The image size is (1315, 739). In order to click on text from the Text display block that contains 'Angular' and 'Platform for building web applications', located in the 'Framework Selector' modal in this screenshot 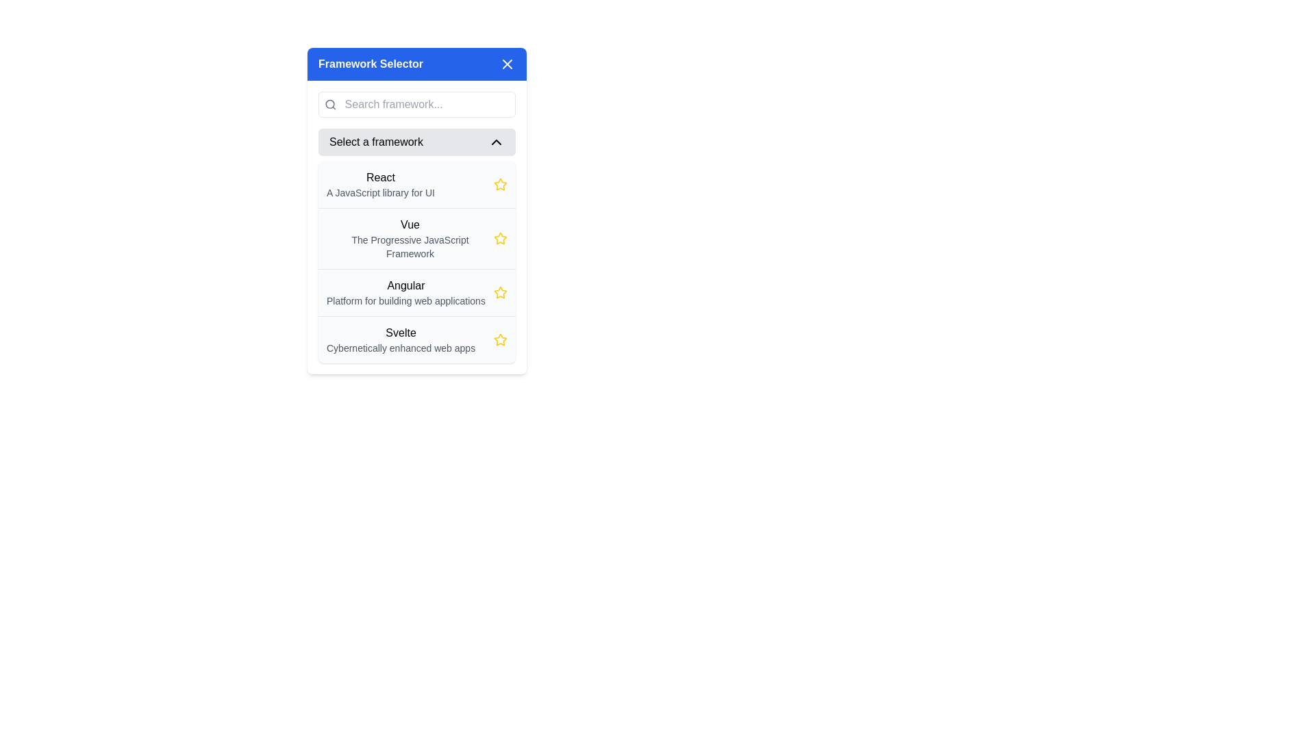, I will do `click(405, 292)`.